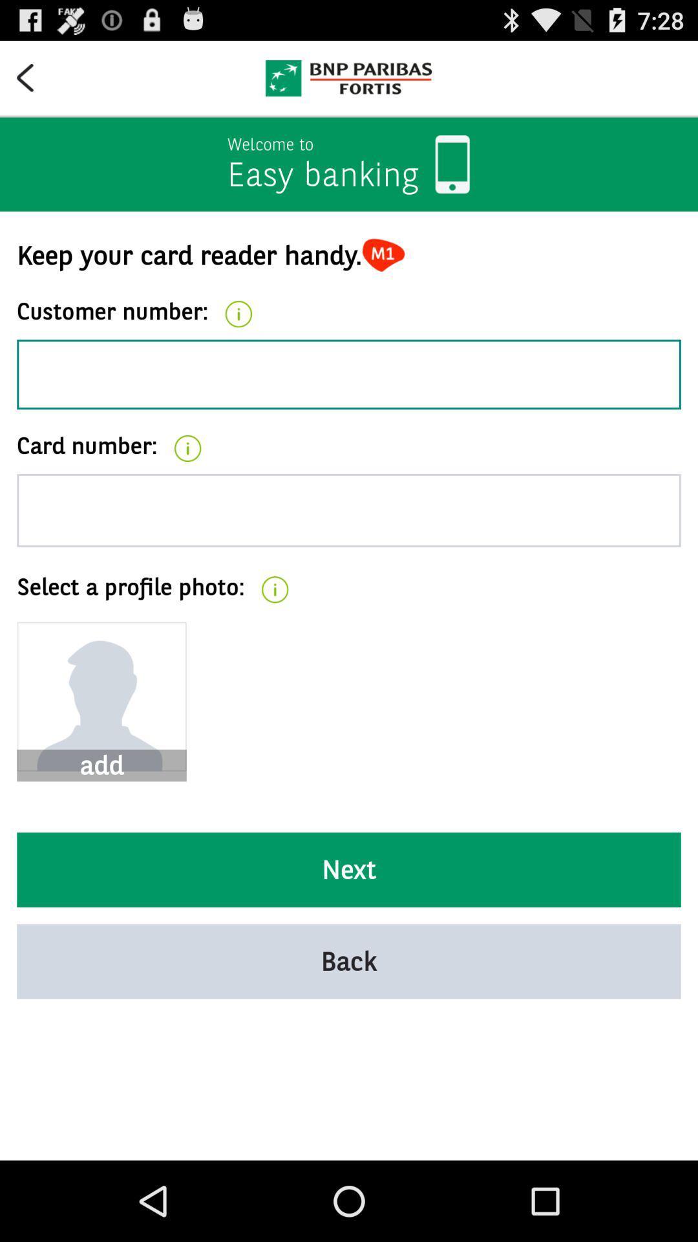 The width and height of the screenshot is (698, 1242). What do you see at coordinates (274, 631) in the screenshot?
I see `the info icon` at bounding box center [274, 631].